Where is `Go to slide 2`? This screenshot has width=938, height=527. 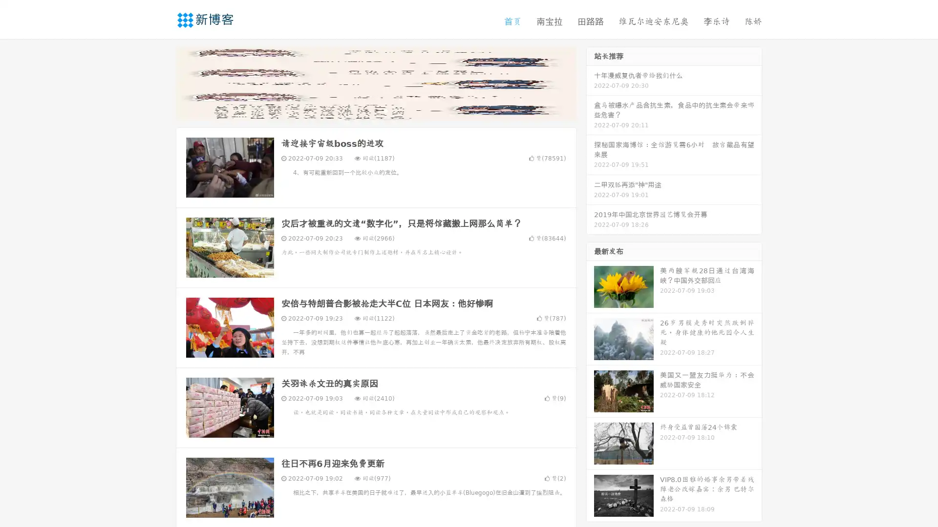 Go to slide 2 is located at coordinates (375, 110).